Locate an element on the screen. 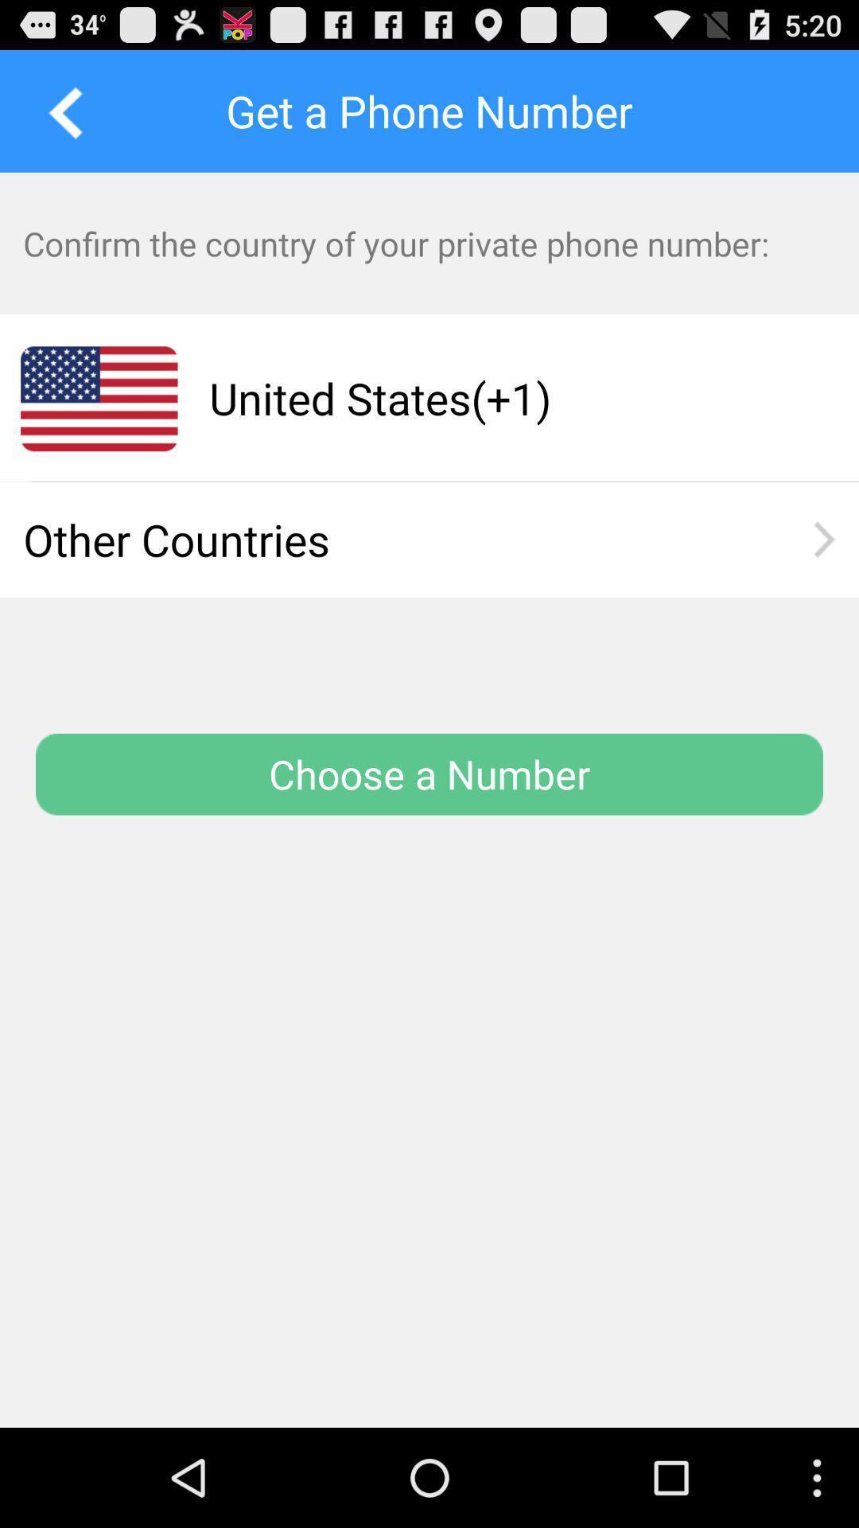 Image resolution: width=859 pixels, height=1528 pixels. app below the confirm the country is located at coordinates (503, 398).